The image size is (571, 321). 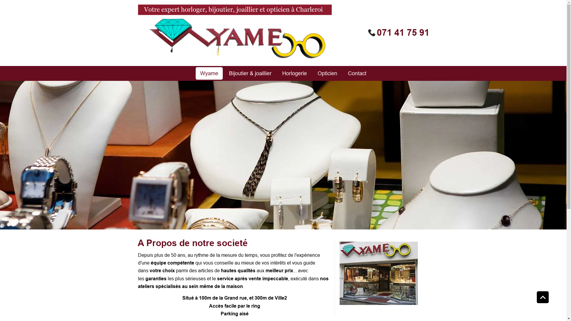 I want to click on '071 41 75 91', so click(x=376, y=32).